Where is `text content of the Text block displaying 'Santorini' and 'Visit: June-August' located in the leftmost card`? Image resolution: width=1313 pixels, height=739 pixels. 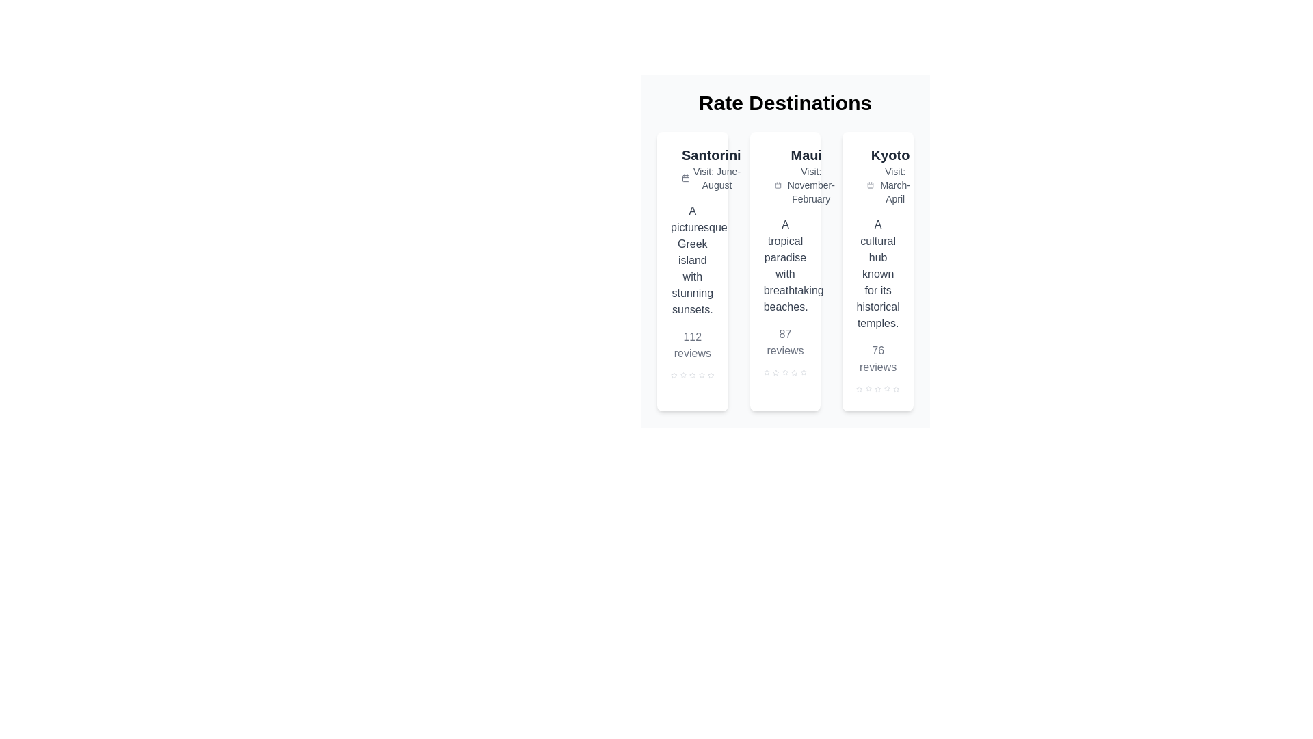
text content of the Text block displaying 'Santorini' and 'Visit: June-August' located in the leftmost card is located at coordinates (711, 168).